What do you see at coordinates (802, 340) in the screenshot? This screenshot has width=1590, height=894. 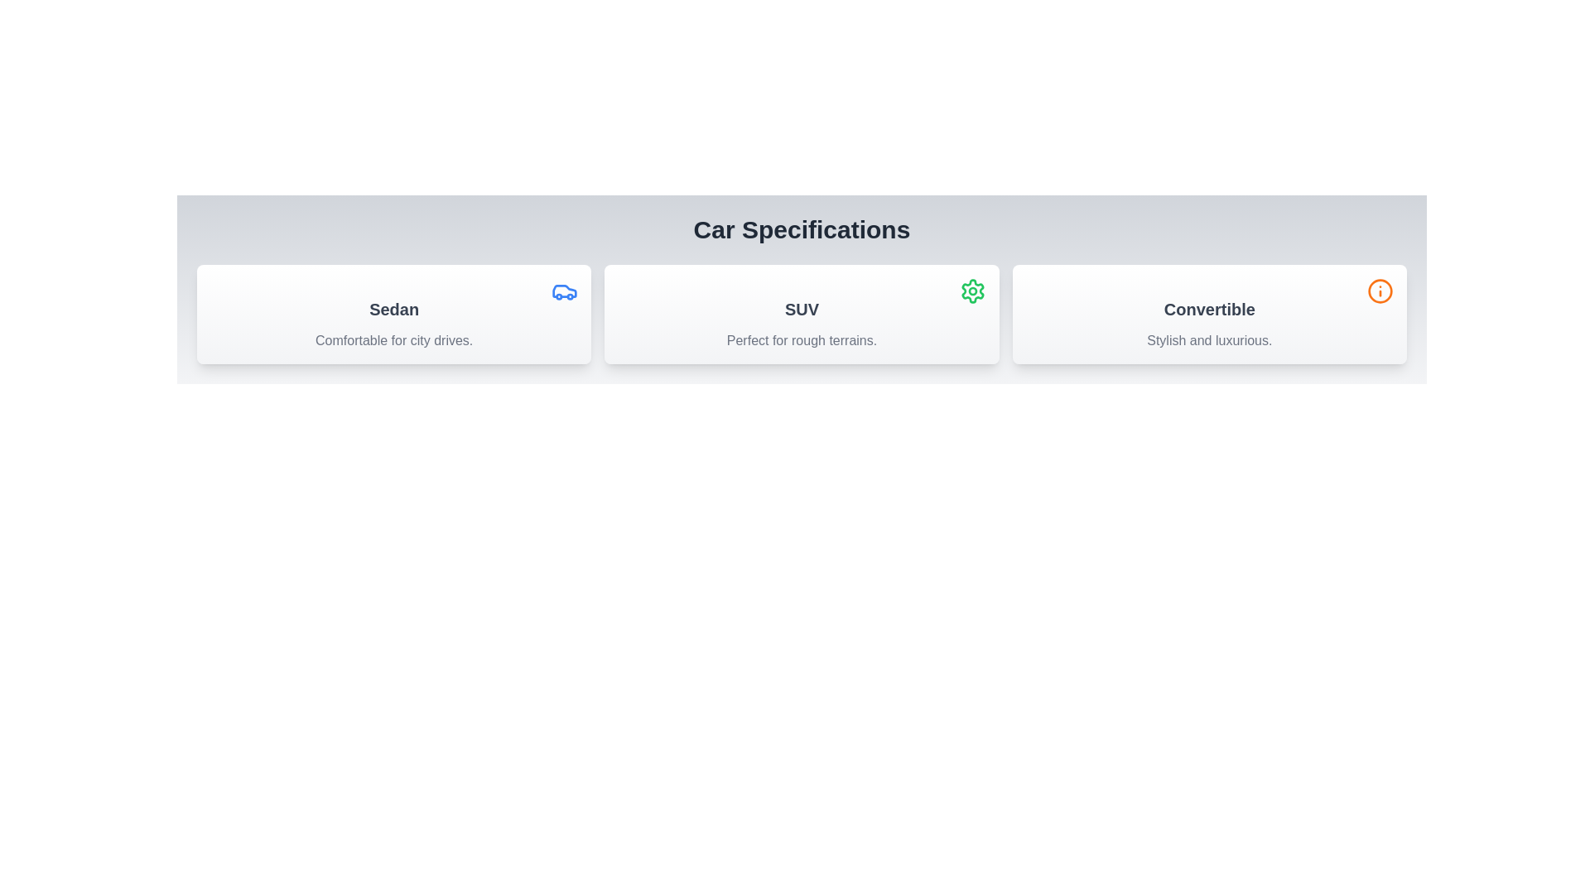 I see `the text label stating 'Perfect for rough terrains.' located at the bottom section of the 'SUV' card` at bounding box center [802, 340].